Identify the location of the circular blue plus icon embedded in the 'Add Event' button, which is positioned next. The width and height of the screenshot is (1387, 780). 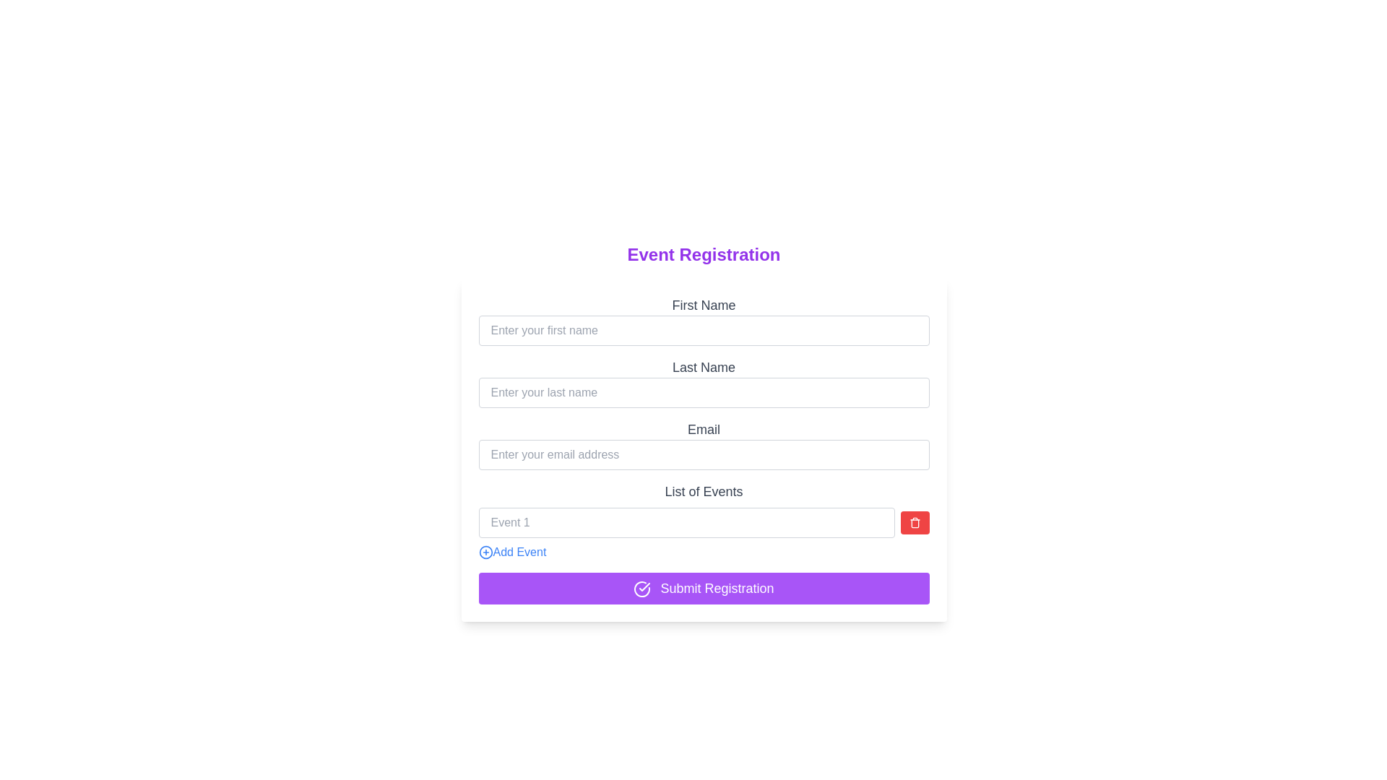
(485, 552).